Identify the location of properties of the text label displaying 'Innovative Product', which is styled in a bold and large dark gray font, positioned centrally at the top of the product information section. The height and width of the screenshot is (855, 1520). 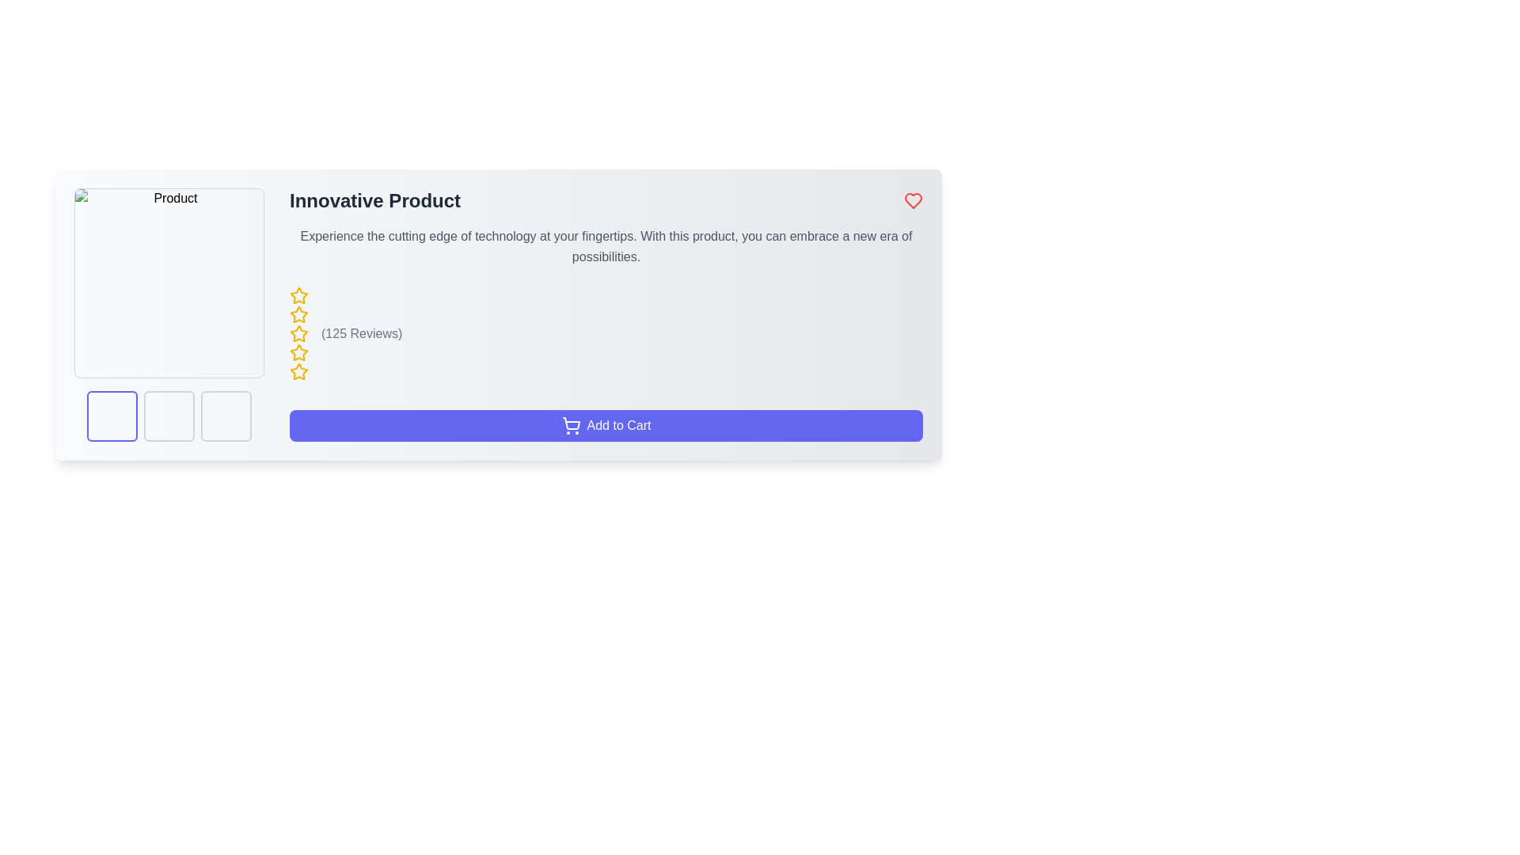
(374, 200).